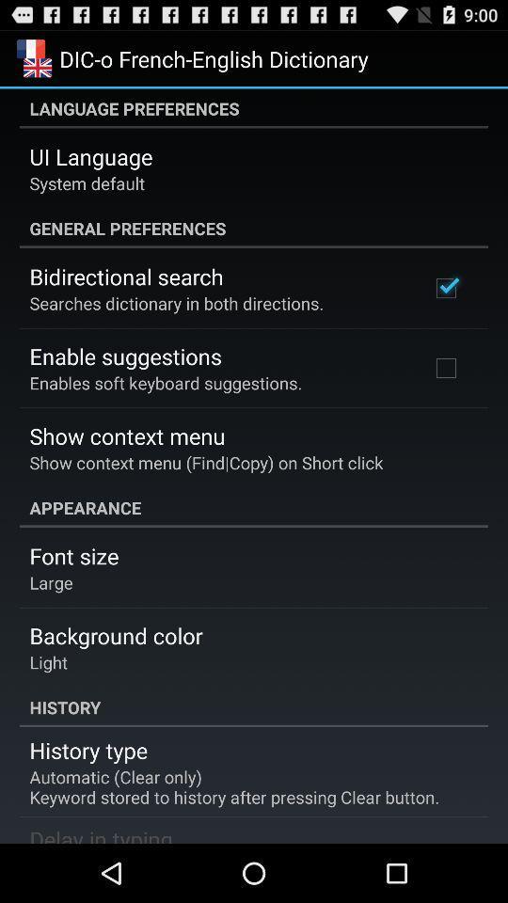 This screenshot has width=508, height=903. I want to click on the language preferences item, so click(254, 108).